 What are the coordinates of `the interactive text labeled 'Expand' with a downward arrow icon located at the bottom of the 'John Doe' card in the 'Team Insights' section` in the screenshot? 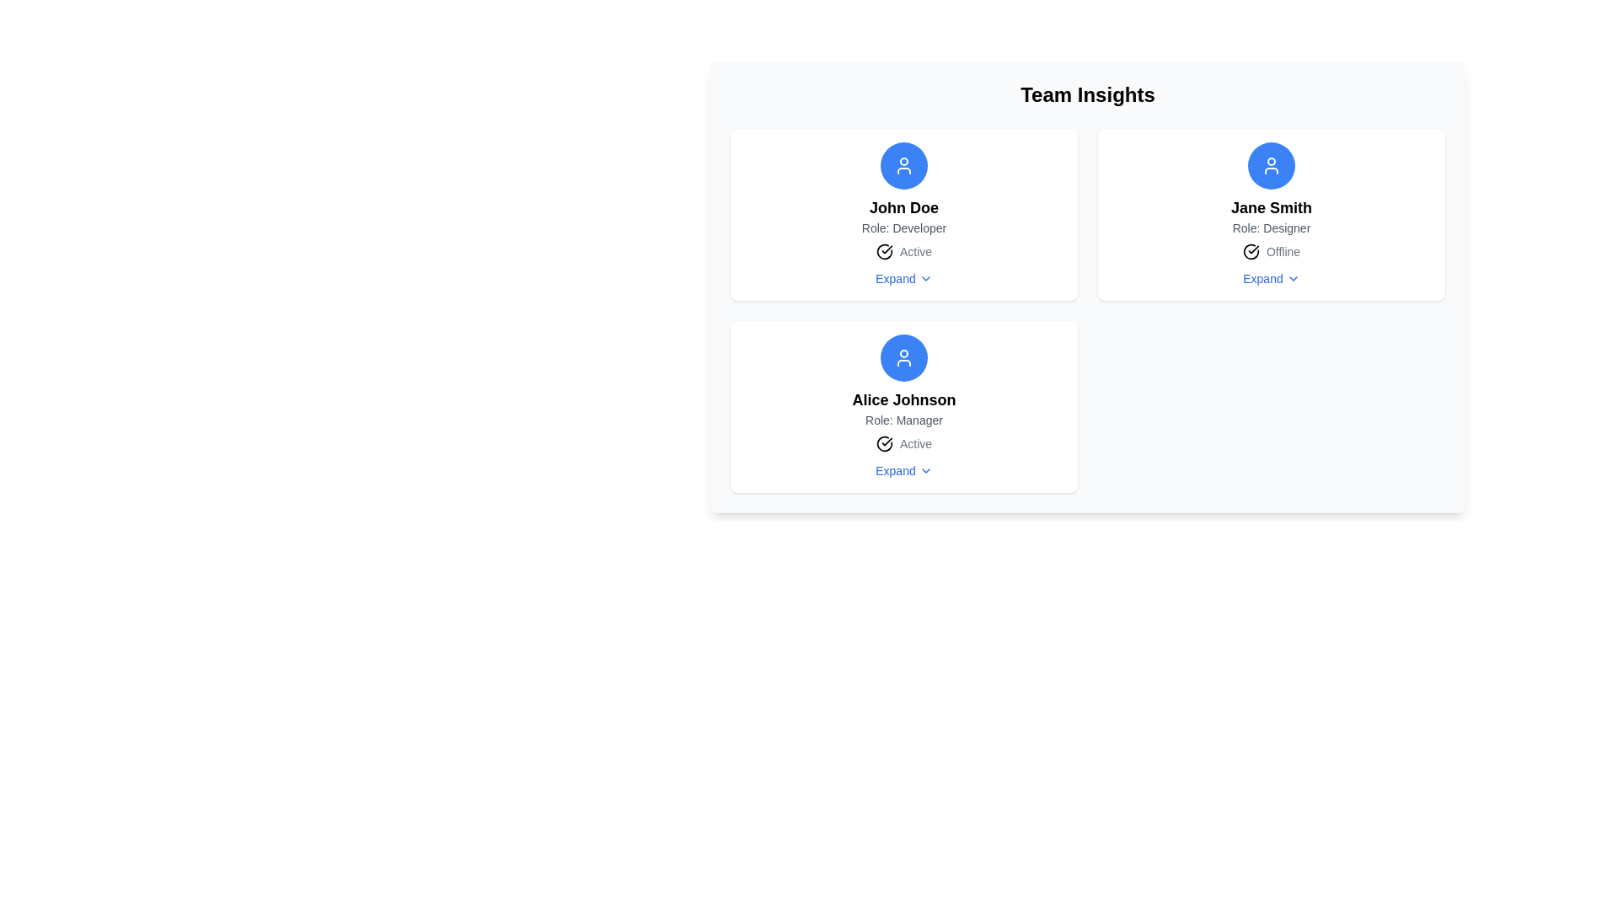 It's located at (903, 278).